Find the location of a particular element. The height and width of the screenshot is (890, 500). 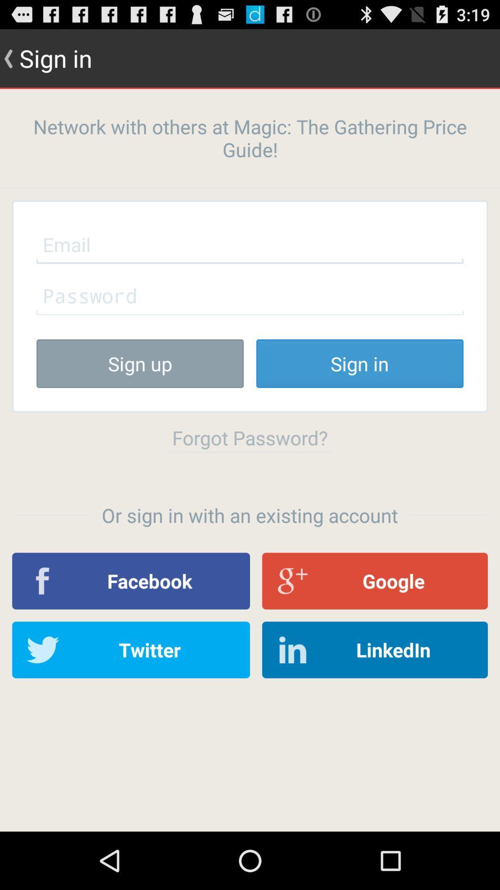

icon next to the facebook item is located at coordinates (375, 580).